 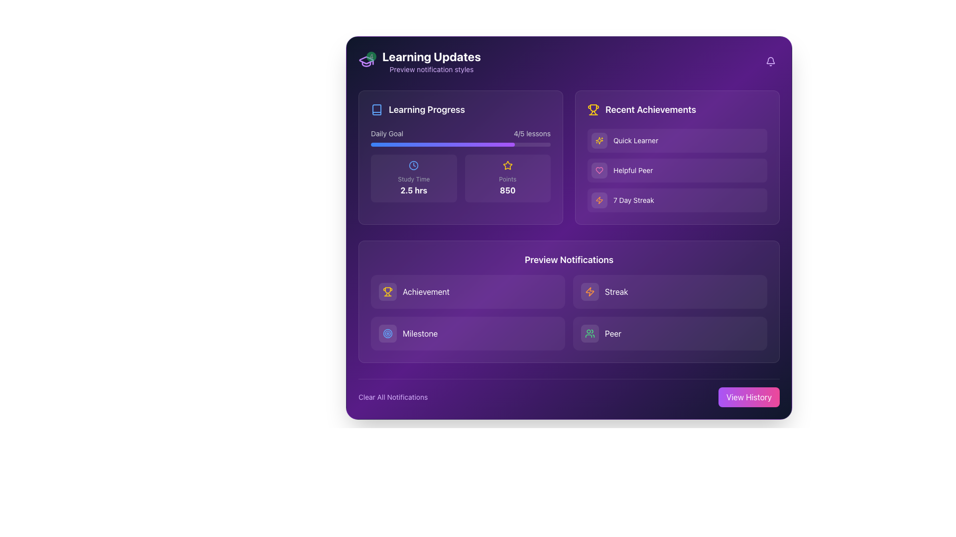 I want to click on the second entry in the 'Recent Achievements' section, which displays the 'Helpful Peer' recognition and is located between 'Quick Learner' and '7 Day Streak', so click(x=677, y=170).